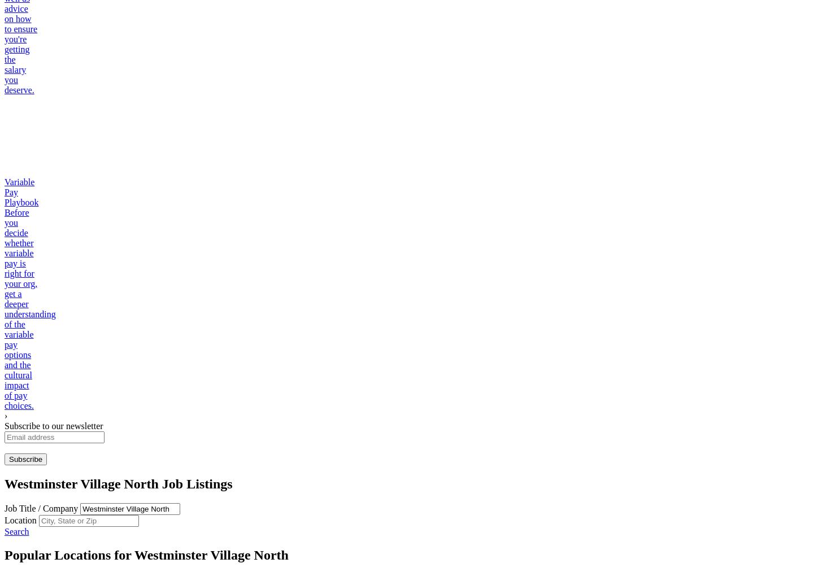 This screenshot has width=818, height=572. Describe the element at coordinates (21, 519) in the screenshot. I see `'Location'` at that location.